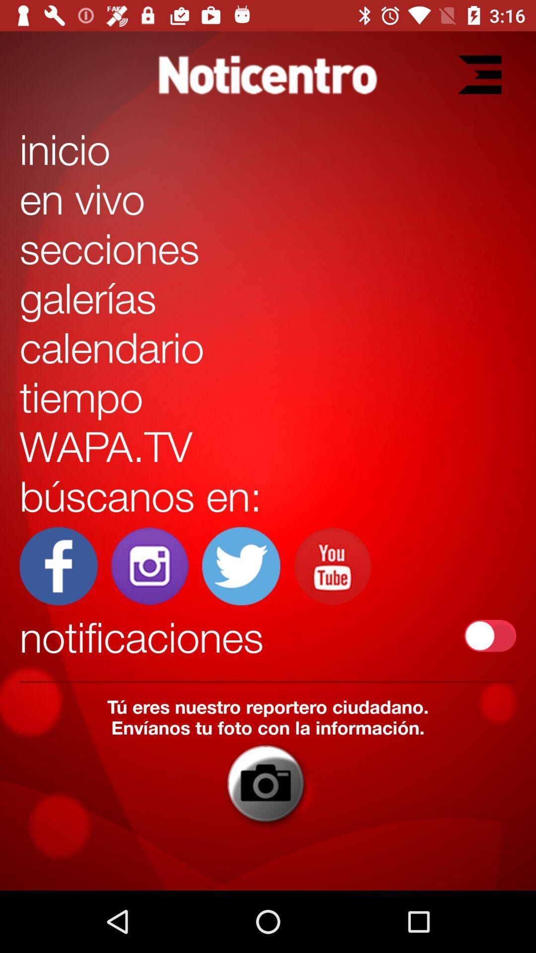 Image resolution: width=536 pixels, height=953 pixels. Describe the element at coordinates (479, 73) in the screenshot. I see `menu icon` at that location.